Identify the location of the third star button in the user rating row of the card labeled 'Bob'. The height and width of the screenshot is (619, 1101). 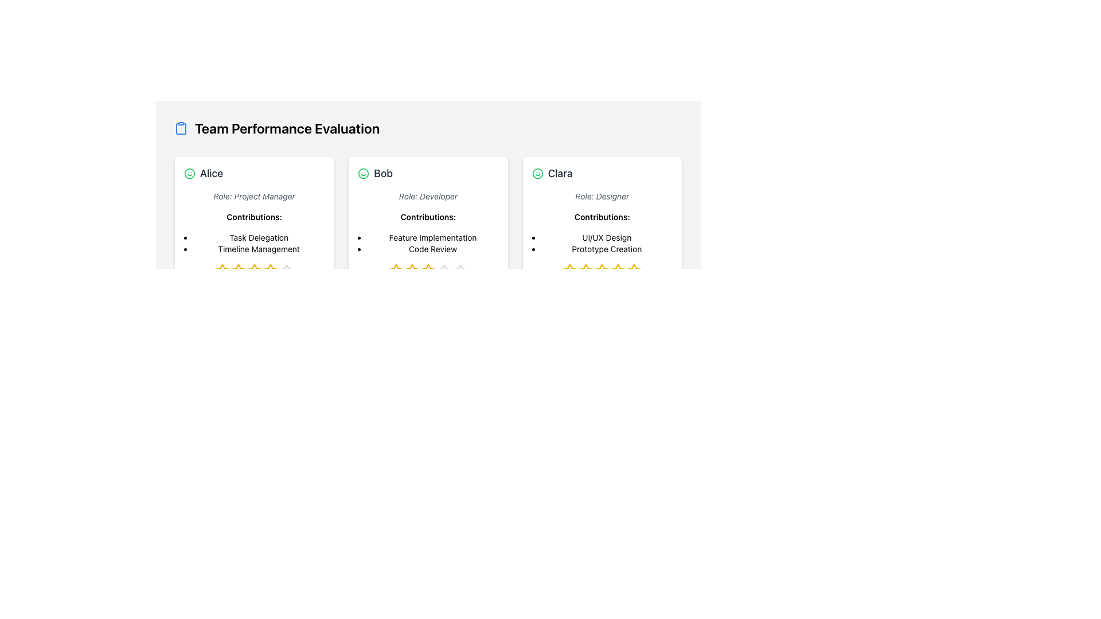
(428, 271).